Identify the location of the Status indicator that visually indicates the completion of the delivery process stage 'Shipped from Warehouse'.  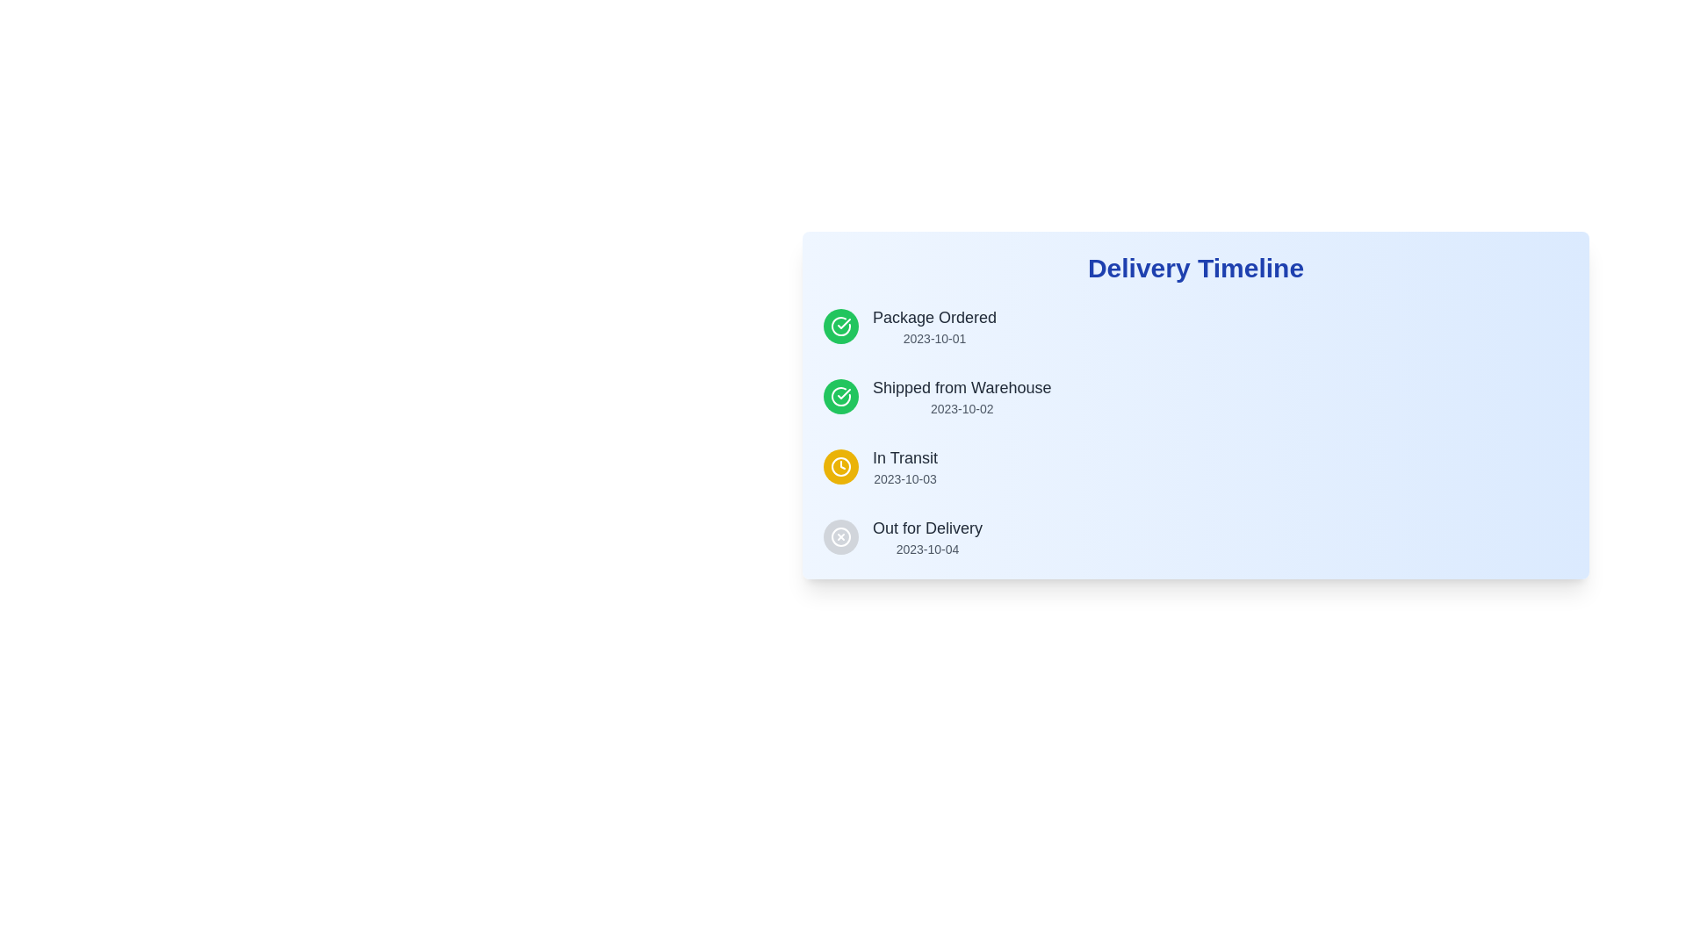
(840, 396).